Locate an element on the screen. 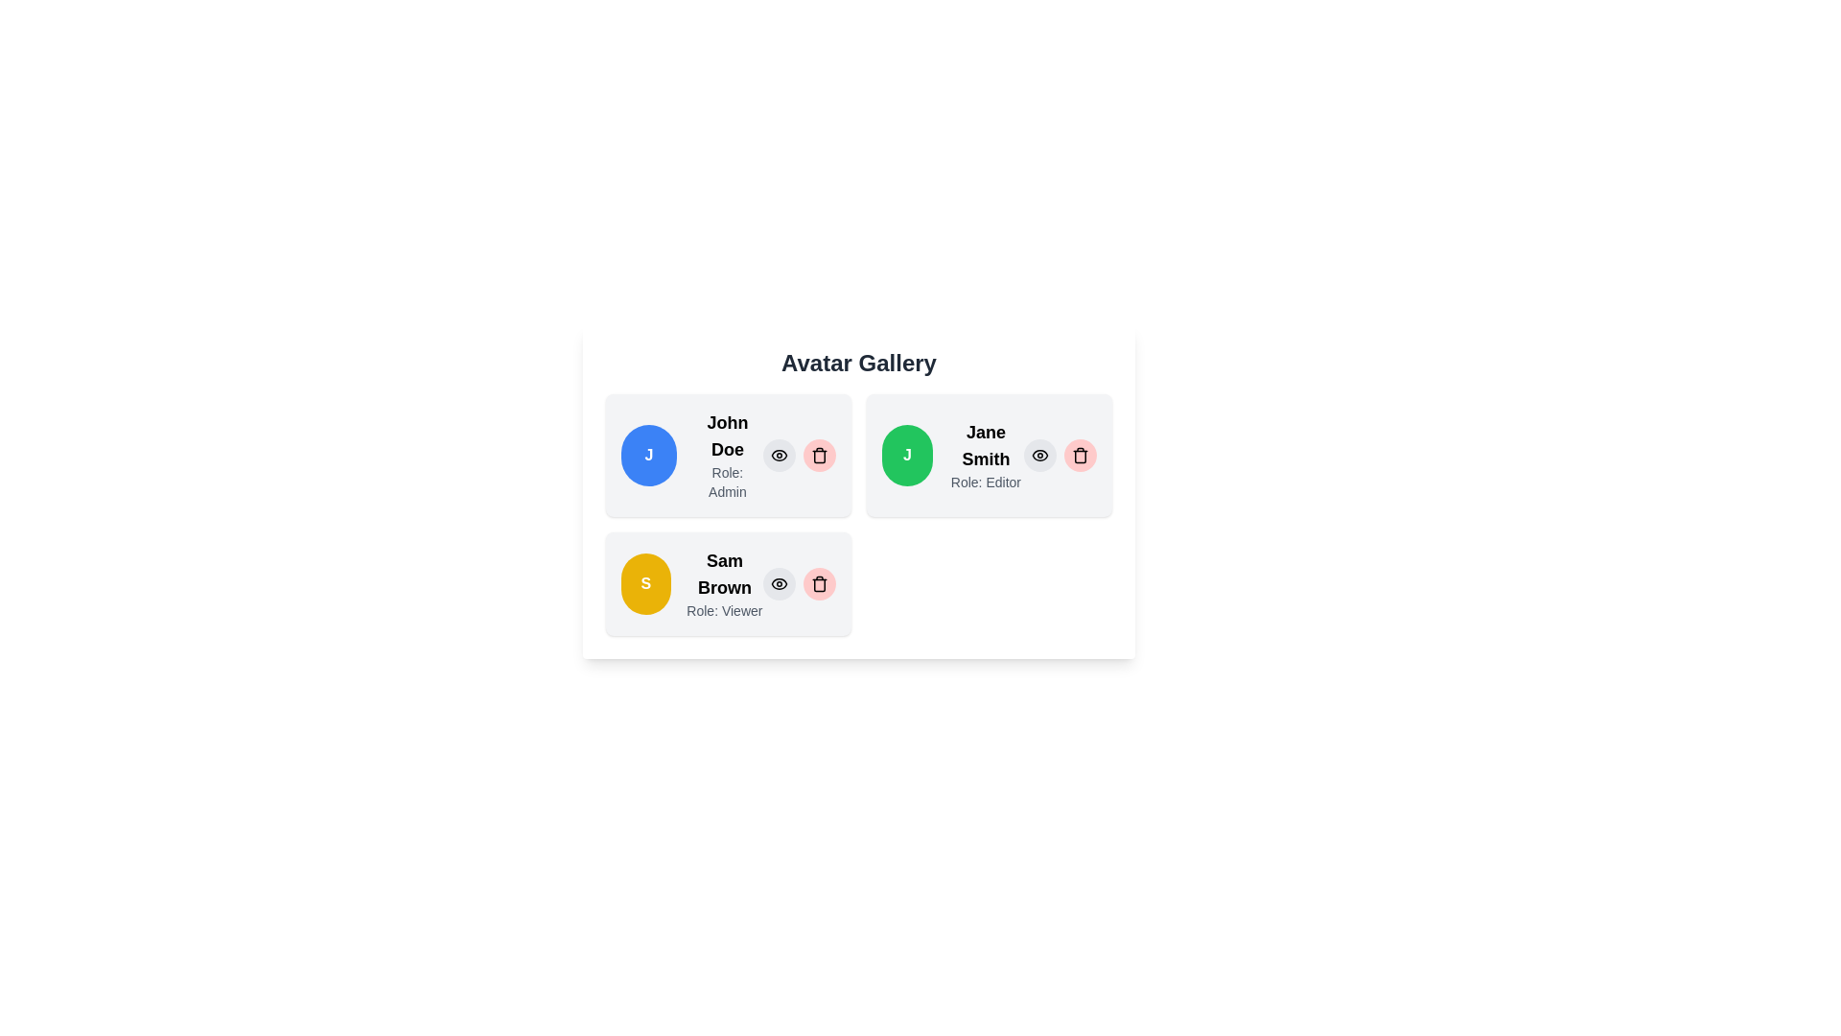 Image resolution: width=1841 pixels, height=1036 pixels. the eye icon, which is a minimalist design with a thin outline is located at coordinates (1038, 455).